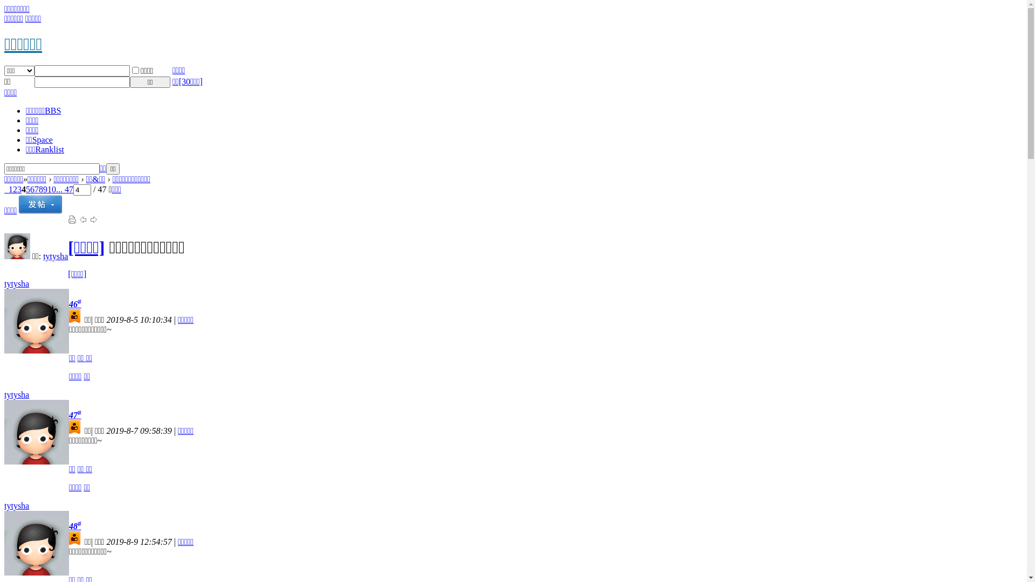 Image resolution: width=1035 pixels, height=582 pixels. What do you see at coordinates (51, 189) in the screenshot?
I see `'10'` at bounding box center [51, 189].